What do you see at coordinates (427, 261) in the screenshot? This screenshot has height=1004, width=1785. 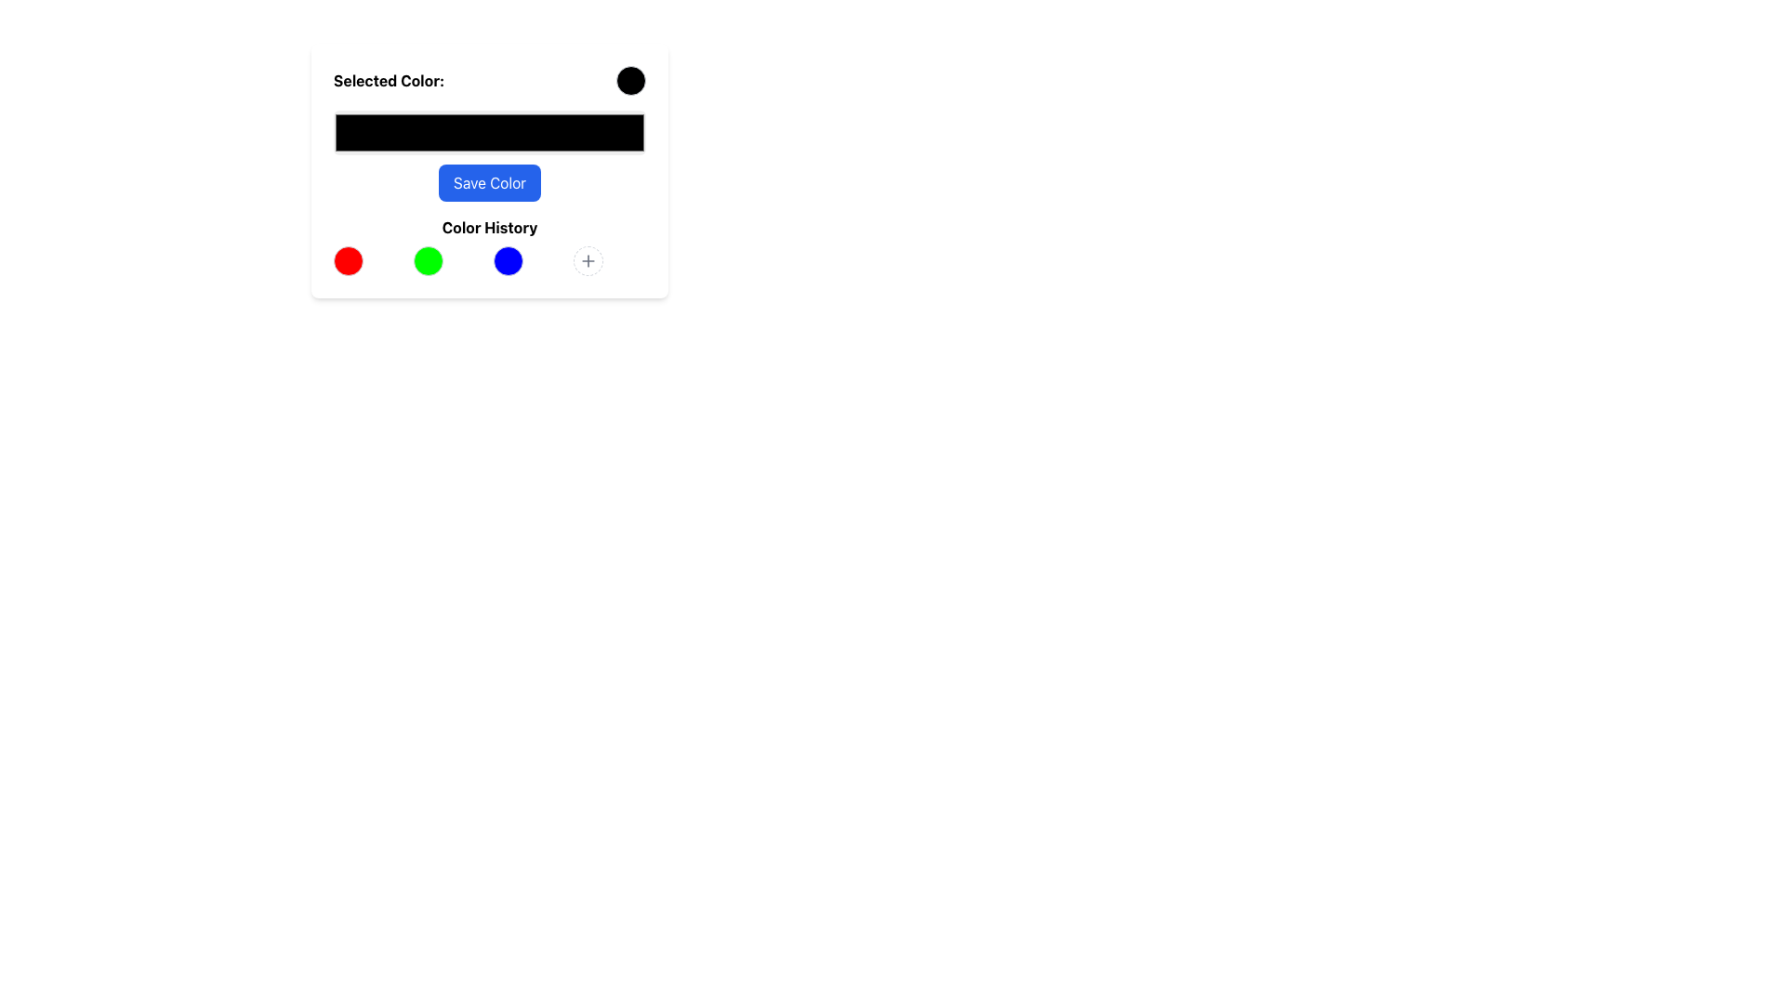 I see `the circular button for green color selection, which is the second item in a horizontal row of four circles located under the label 'Color History'` at bounding box center [427, 261].